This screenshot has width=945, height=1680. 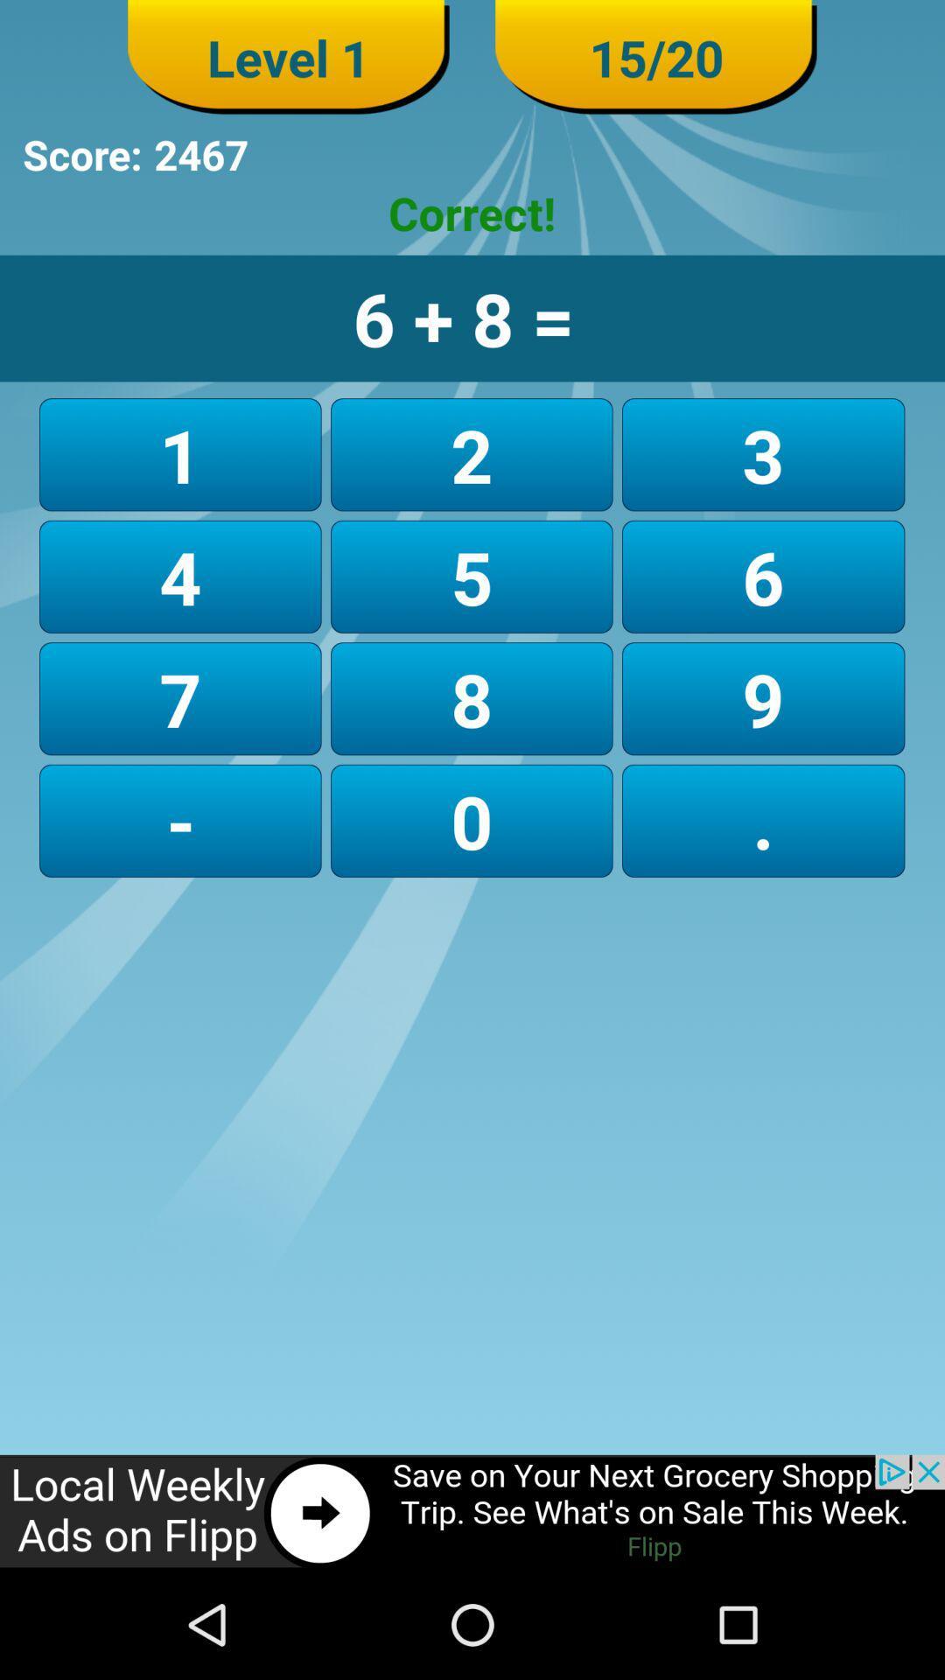 What do you see at coordinates (472, 1511) in the screenshot?
I see `click on advertisement` at bounding box center [472, 1511].